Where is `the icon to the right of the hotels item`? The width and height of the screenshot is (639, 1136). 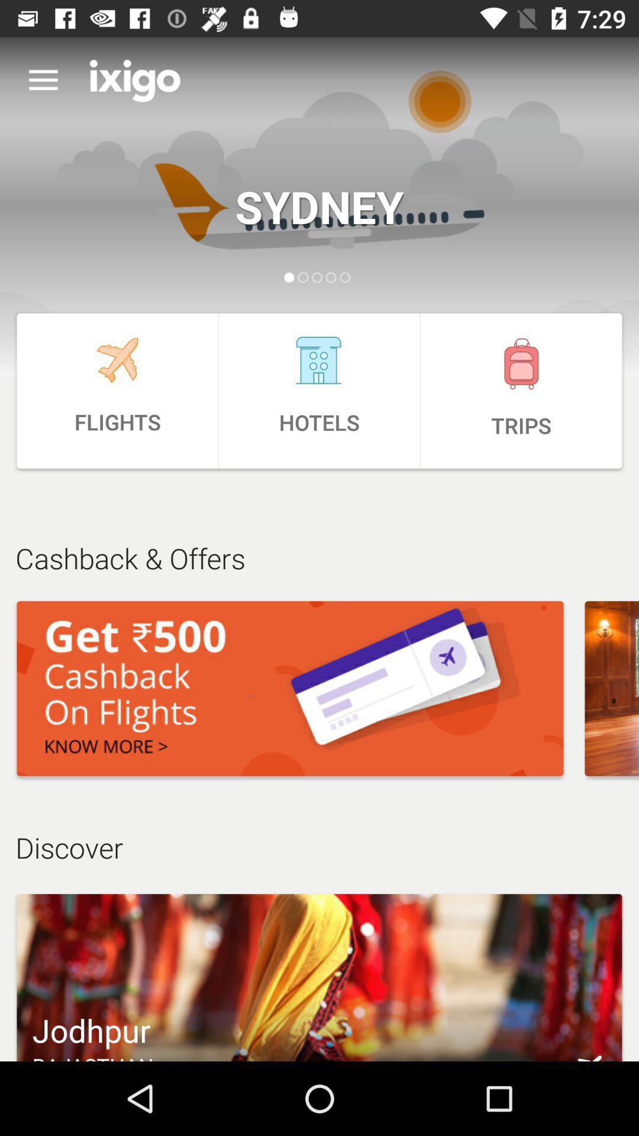 the icon to the right of the hotels item is located at coordinates (521, 390).